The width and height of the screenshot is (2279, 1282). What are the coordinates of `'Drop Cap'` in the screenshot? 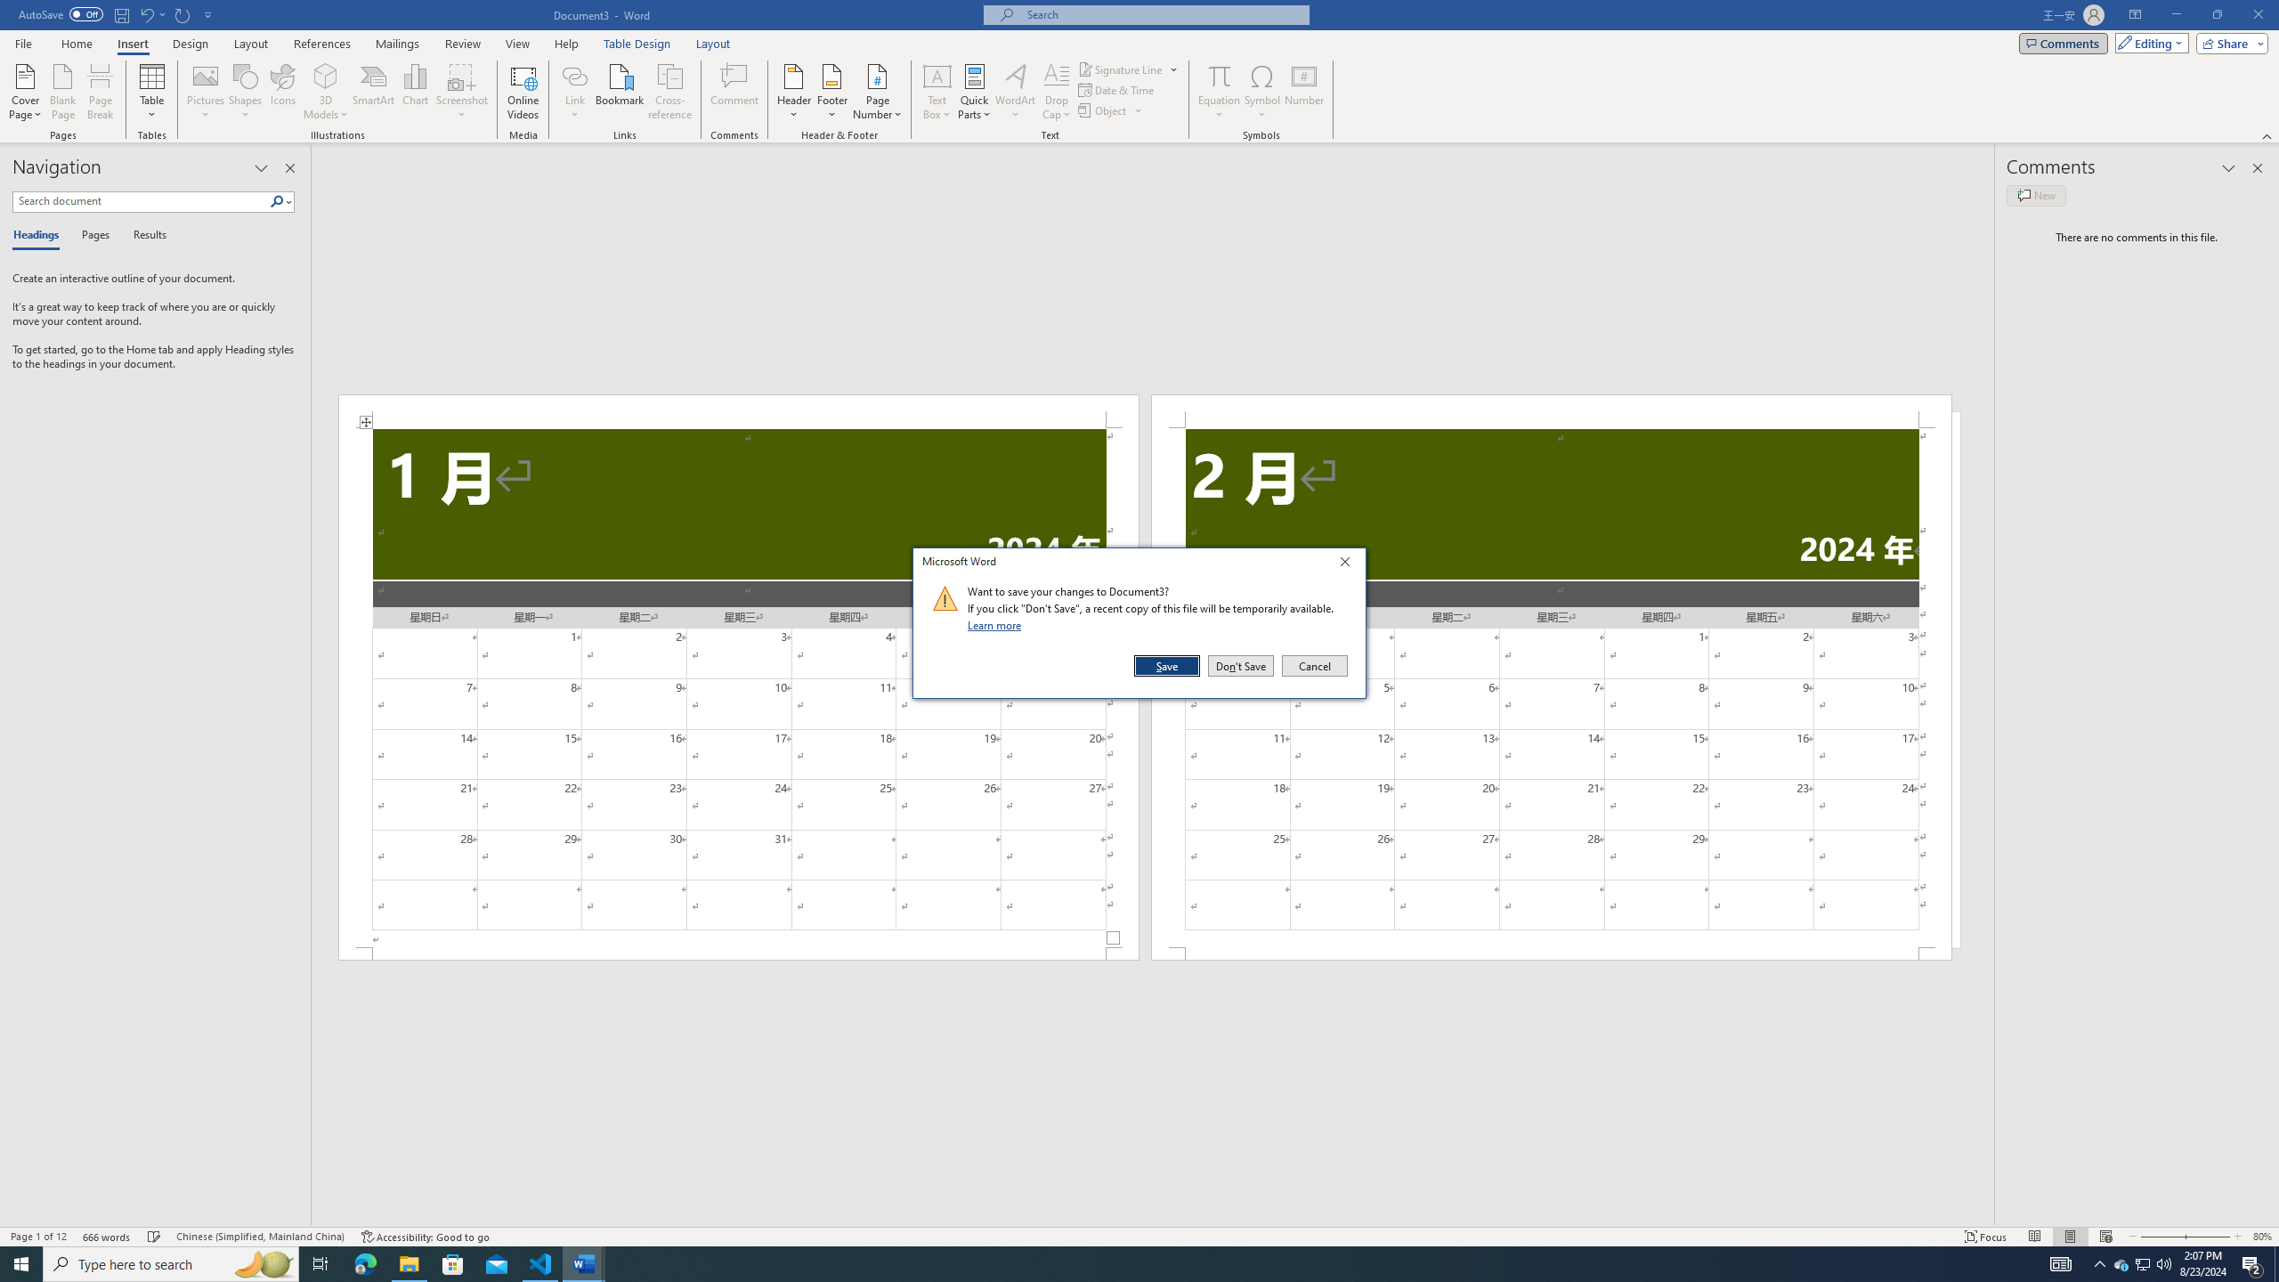 It's located at (1056, 92).